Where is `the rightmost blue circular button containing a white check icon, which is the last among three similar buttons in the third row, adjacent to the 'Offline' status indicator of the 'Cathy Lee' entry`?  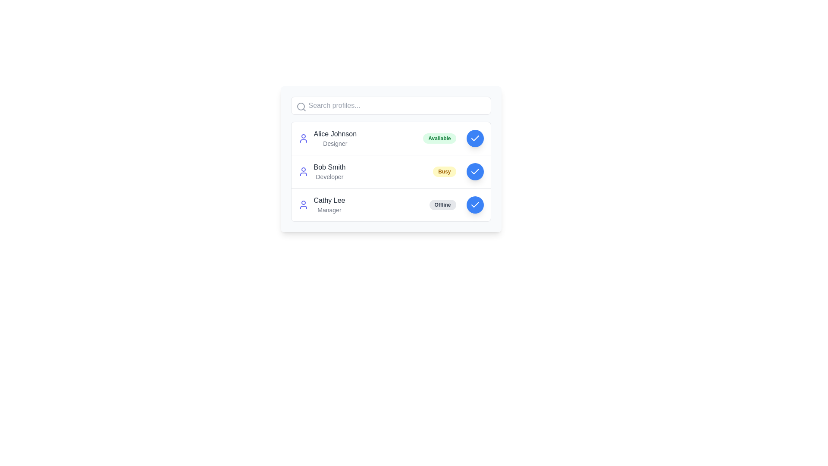
the rightmost blue circular button containing a white check icon, which is the last among three similar buttons in the third row, adjacent to the 'Offline' status indicator of the 'Cathy Lee' entry is located at coordinates (474, 205).